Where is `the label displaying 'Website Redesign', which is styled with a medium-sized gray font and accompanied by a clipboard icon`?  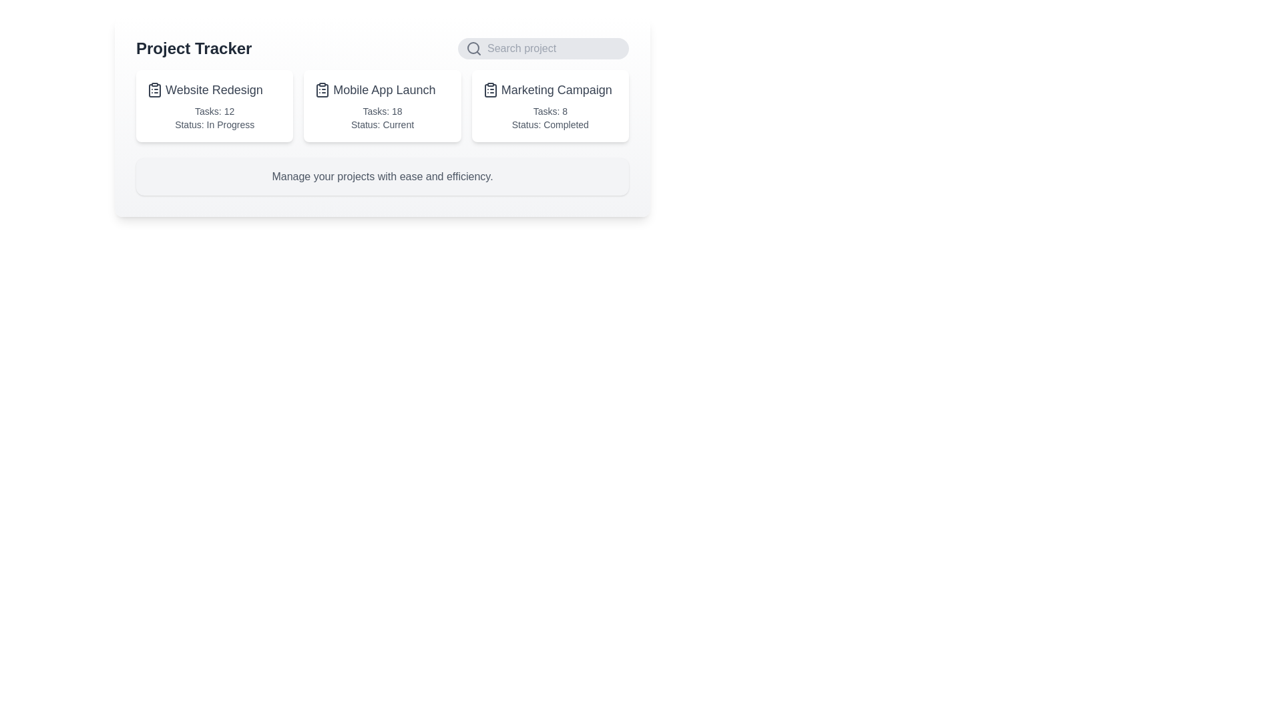 the label displaying 'Website Redesign', which is styled with a medium-sized gray font and accompanied by a clipboard icon is located at coordinates (214, 90).